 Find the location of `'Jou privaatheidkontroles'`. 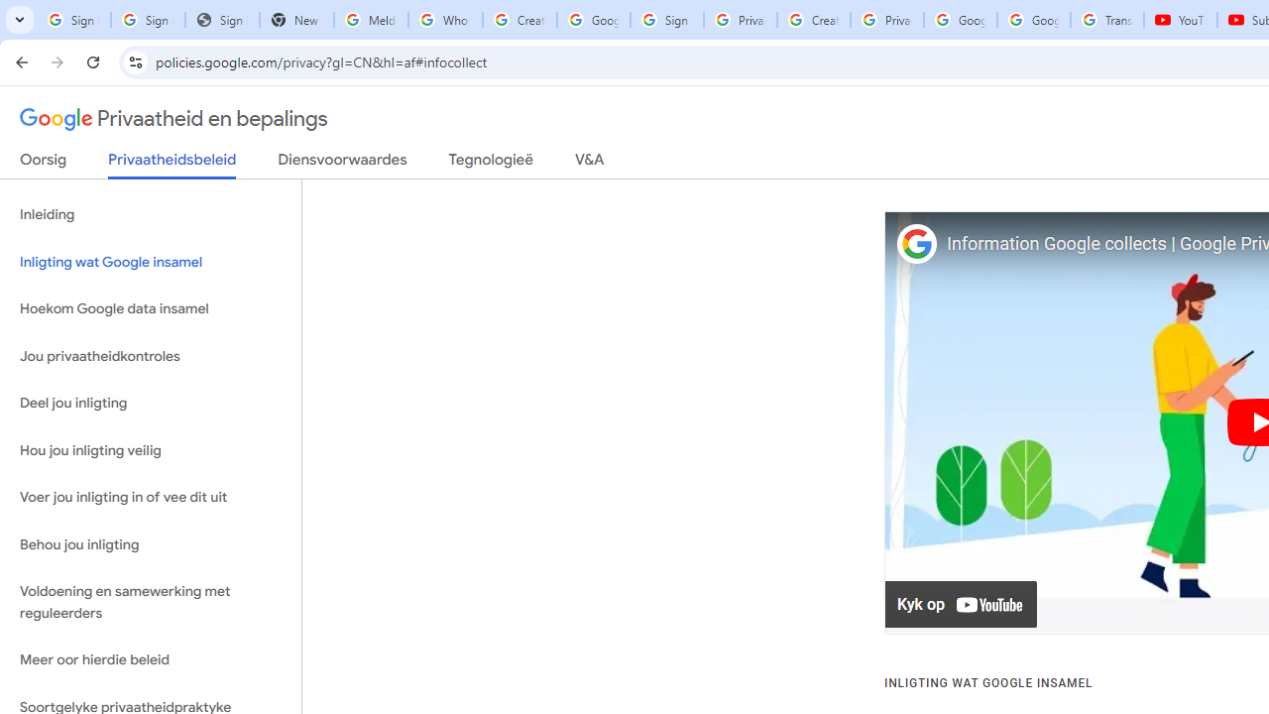

'Jou privaatheidkontroles' is located at coordinates (150, 355).